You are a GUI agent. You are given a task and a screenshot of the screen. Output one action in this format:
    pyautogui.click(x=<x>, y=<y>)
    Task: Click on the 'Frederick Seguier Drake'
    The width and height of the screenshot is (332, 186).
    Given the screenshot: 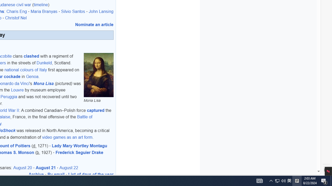 What is the action you would take?
    pyautogui.click(x=79, y=152)
    